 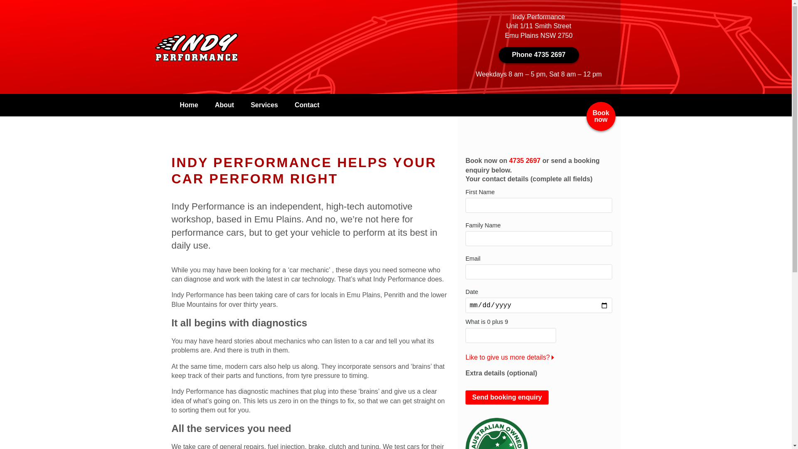 I want to click on 'Send booking enquiry', so click(x=506, y=397).